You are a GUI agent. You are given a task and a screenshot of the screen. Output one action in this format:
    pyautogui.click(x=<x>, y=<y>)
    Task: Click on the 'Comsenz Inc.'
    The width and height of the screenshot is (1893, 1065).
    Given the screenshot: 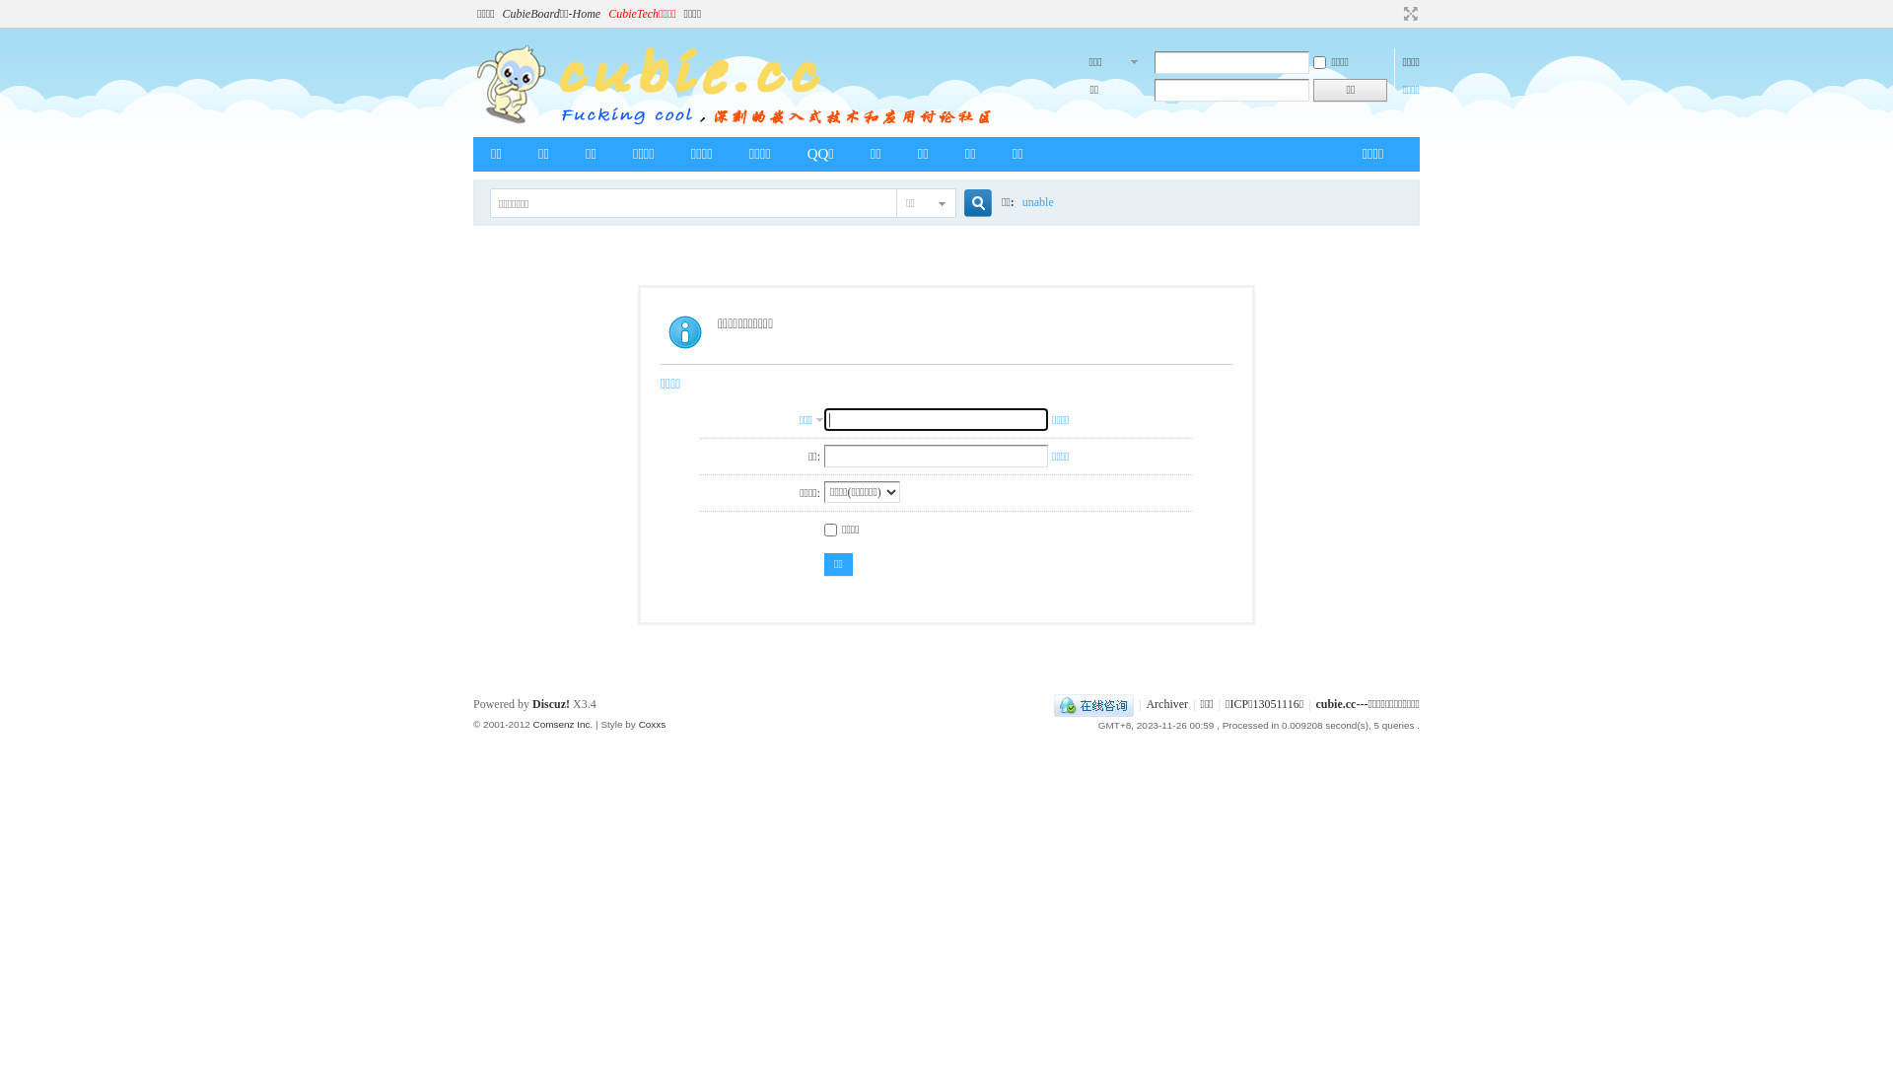 What is the action you would take?
    pyautogui.click(x=561, y=724)
    